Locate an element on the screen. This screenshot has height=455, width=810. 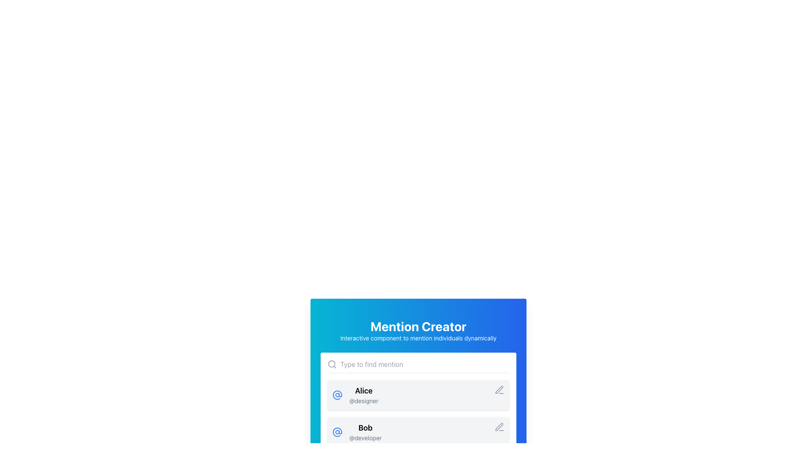
the topmost list element labeled 'Alice @designer' is located at coordinates (418, 395).